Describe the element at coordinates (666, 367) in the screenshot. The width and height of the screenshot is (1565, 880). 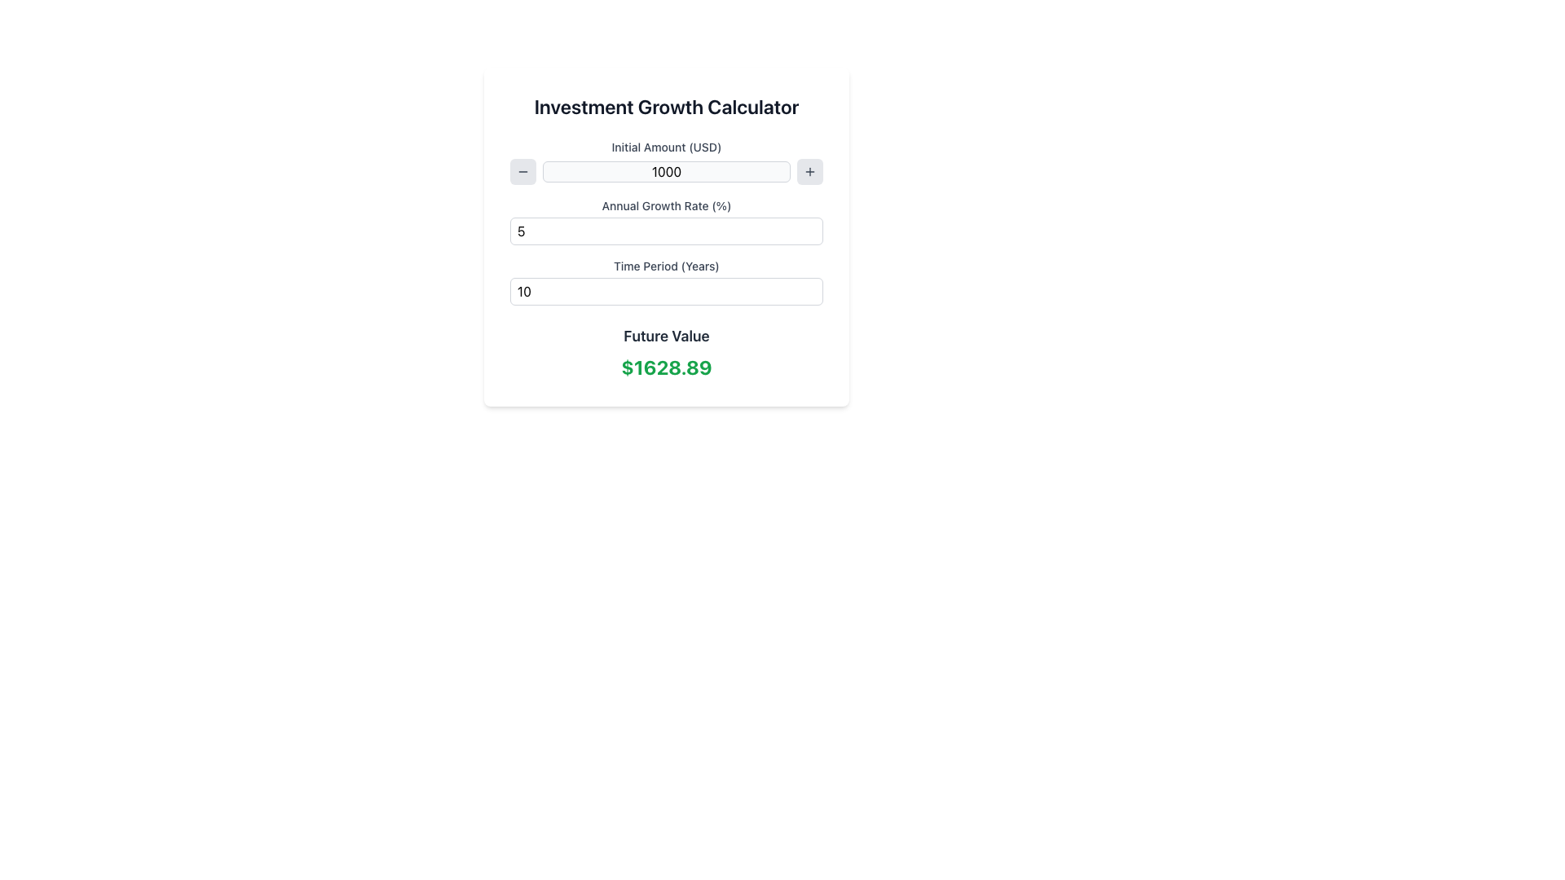
I see `the Text Label that displays the calculated future investment value, located directly under the 'Future Value' label in the calculator interface` at that location.